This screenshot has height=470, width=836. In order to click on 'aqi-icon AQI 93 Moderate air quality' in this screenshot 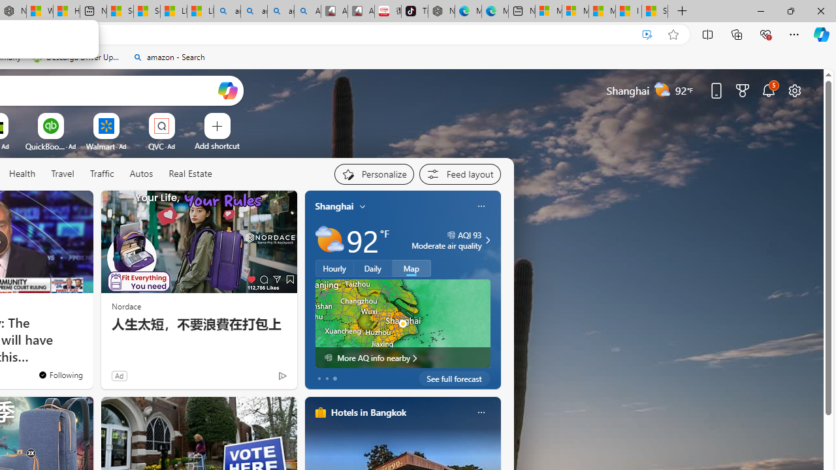, I will do `click(447, 240)`.